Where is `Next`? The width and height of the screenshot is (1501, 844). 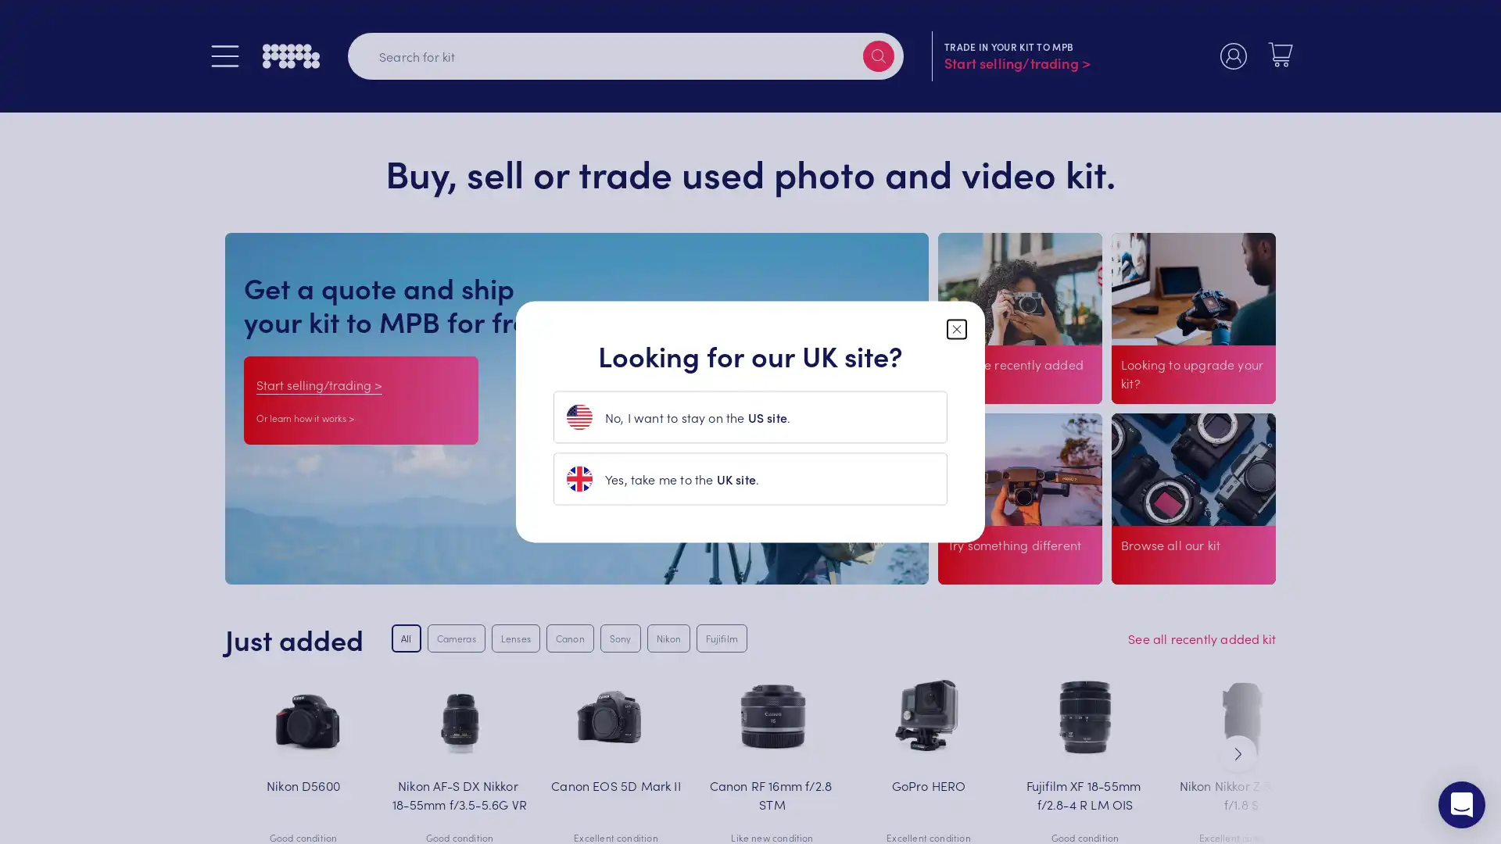 Next is located at coordinates (1238, 753).